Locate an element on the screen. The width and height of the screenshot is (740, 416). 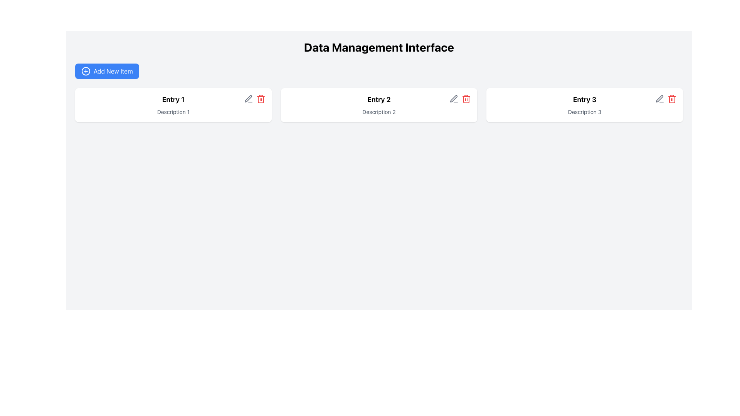
the text label that serves as the title for the card, positioned at the top of the first card in a horizontal series of three cards is located at coordinates (173, 99).